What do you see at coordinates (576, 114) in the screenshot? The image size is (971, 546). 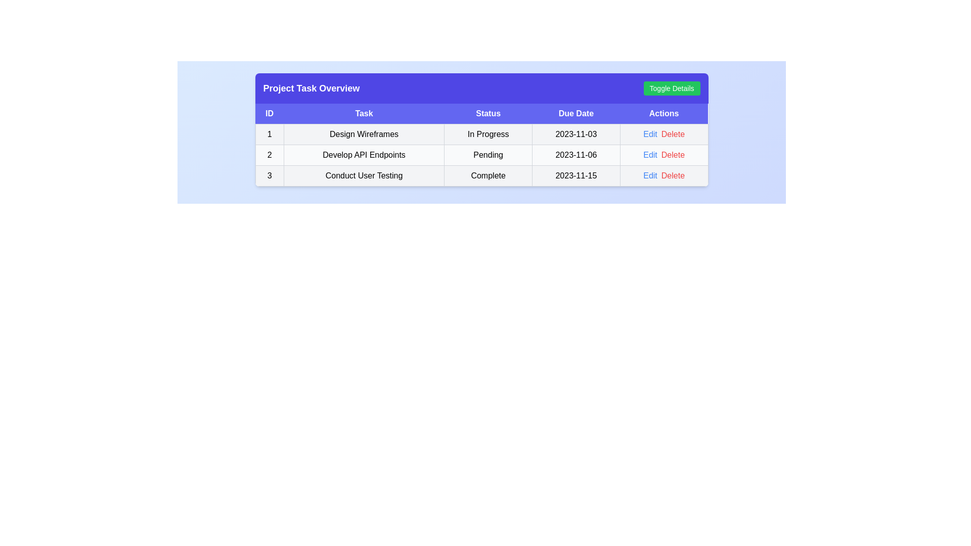 I see `the table header labeled Due Date to sort the tasks` at bounding box center [576, 114].